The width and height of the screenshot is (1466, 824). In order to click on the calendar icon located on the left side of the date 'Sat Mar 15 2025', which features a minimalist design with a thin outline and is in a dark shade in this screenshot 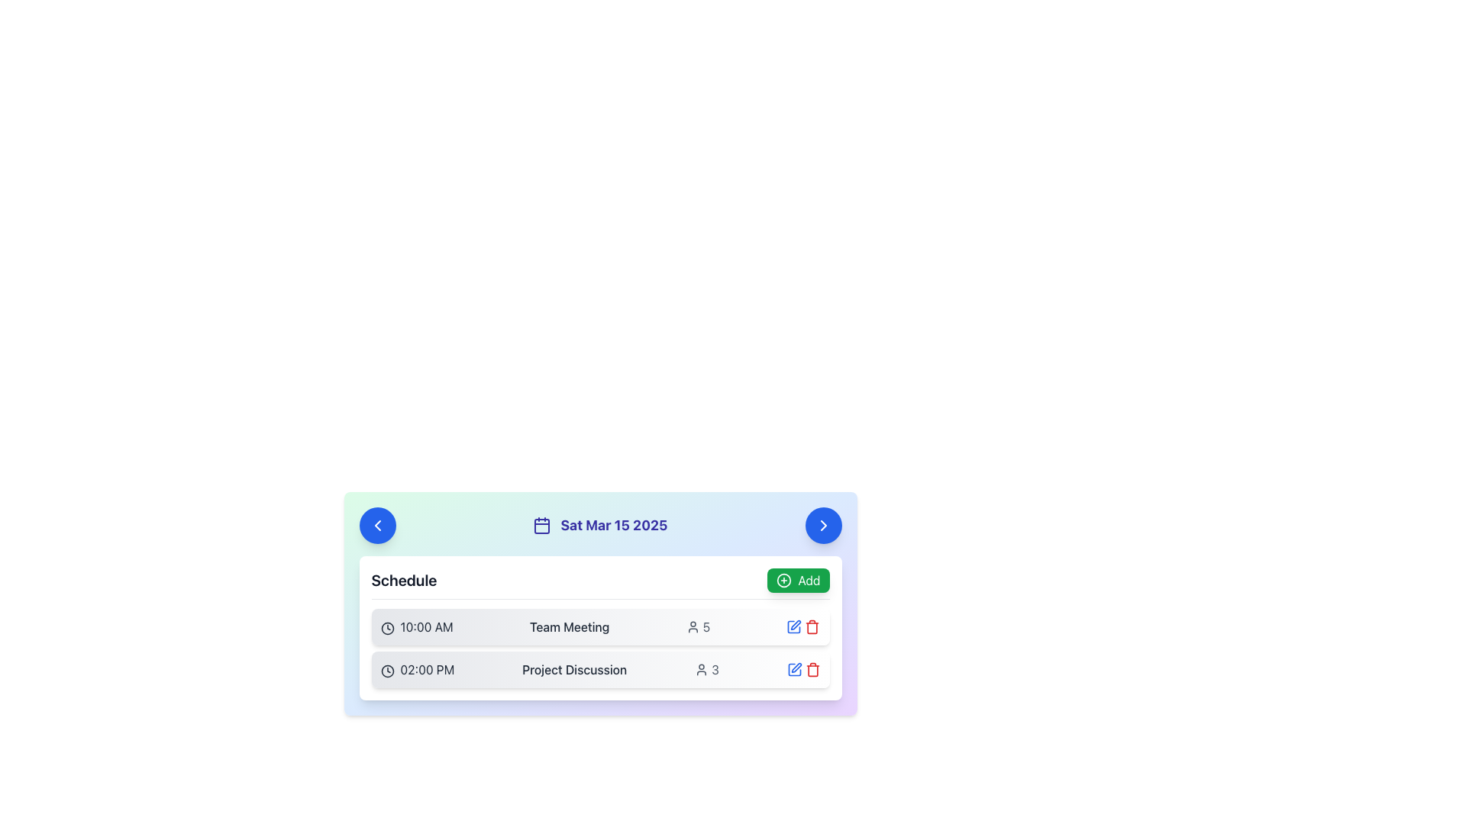, I will do `click(542, 525)`.